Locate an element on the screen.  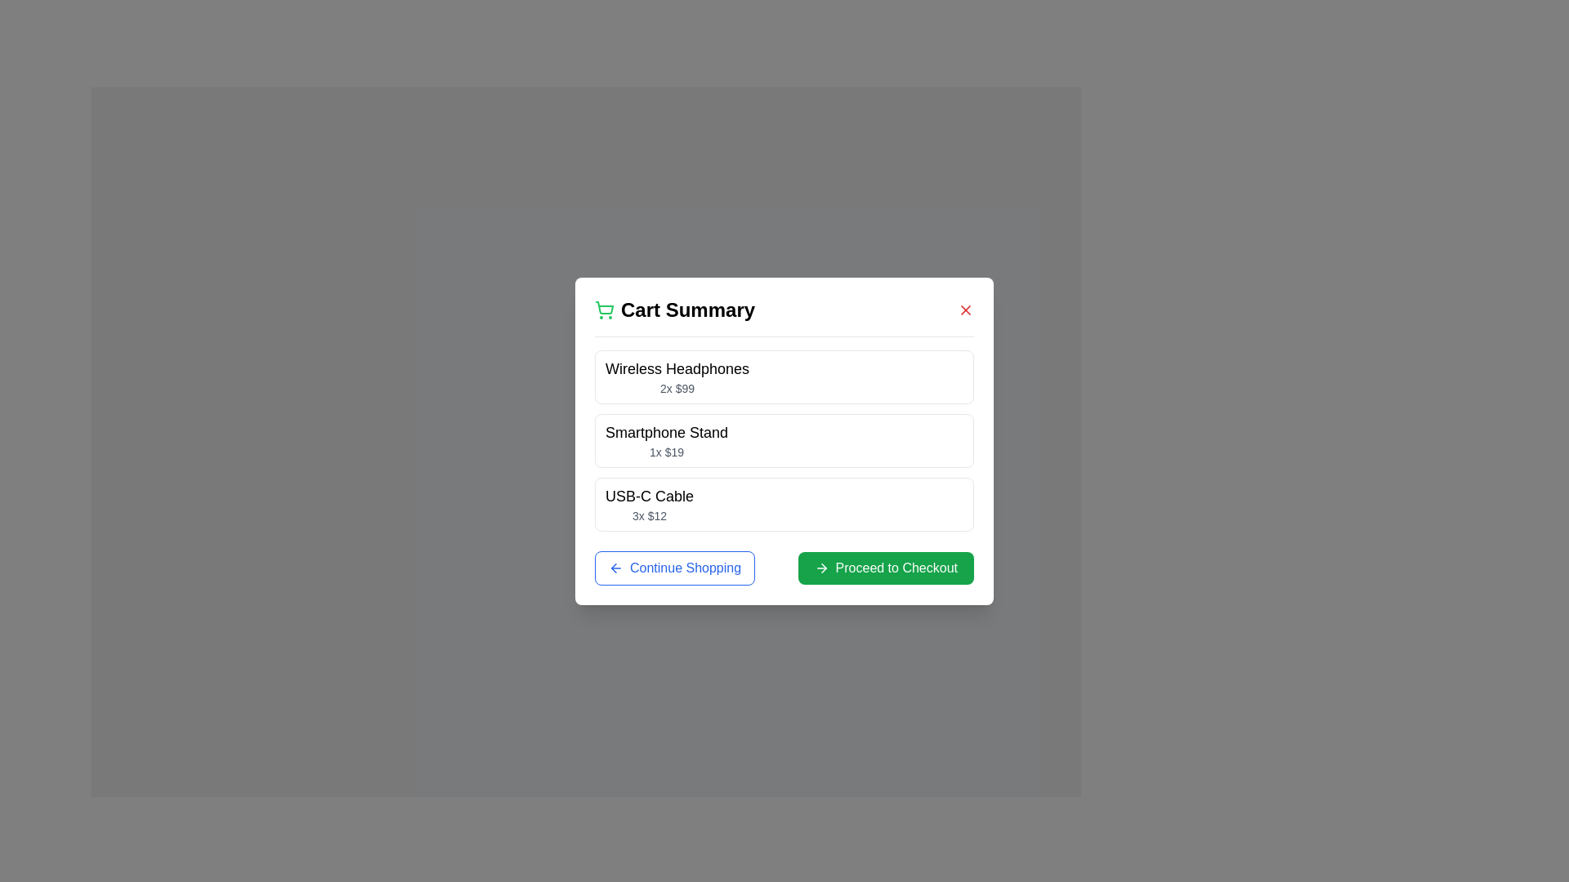
the list item entry labeled 'Smartphone Stand' is located at coordinates (667, 439).